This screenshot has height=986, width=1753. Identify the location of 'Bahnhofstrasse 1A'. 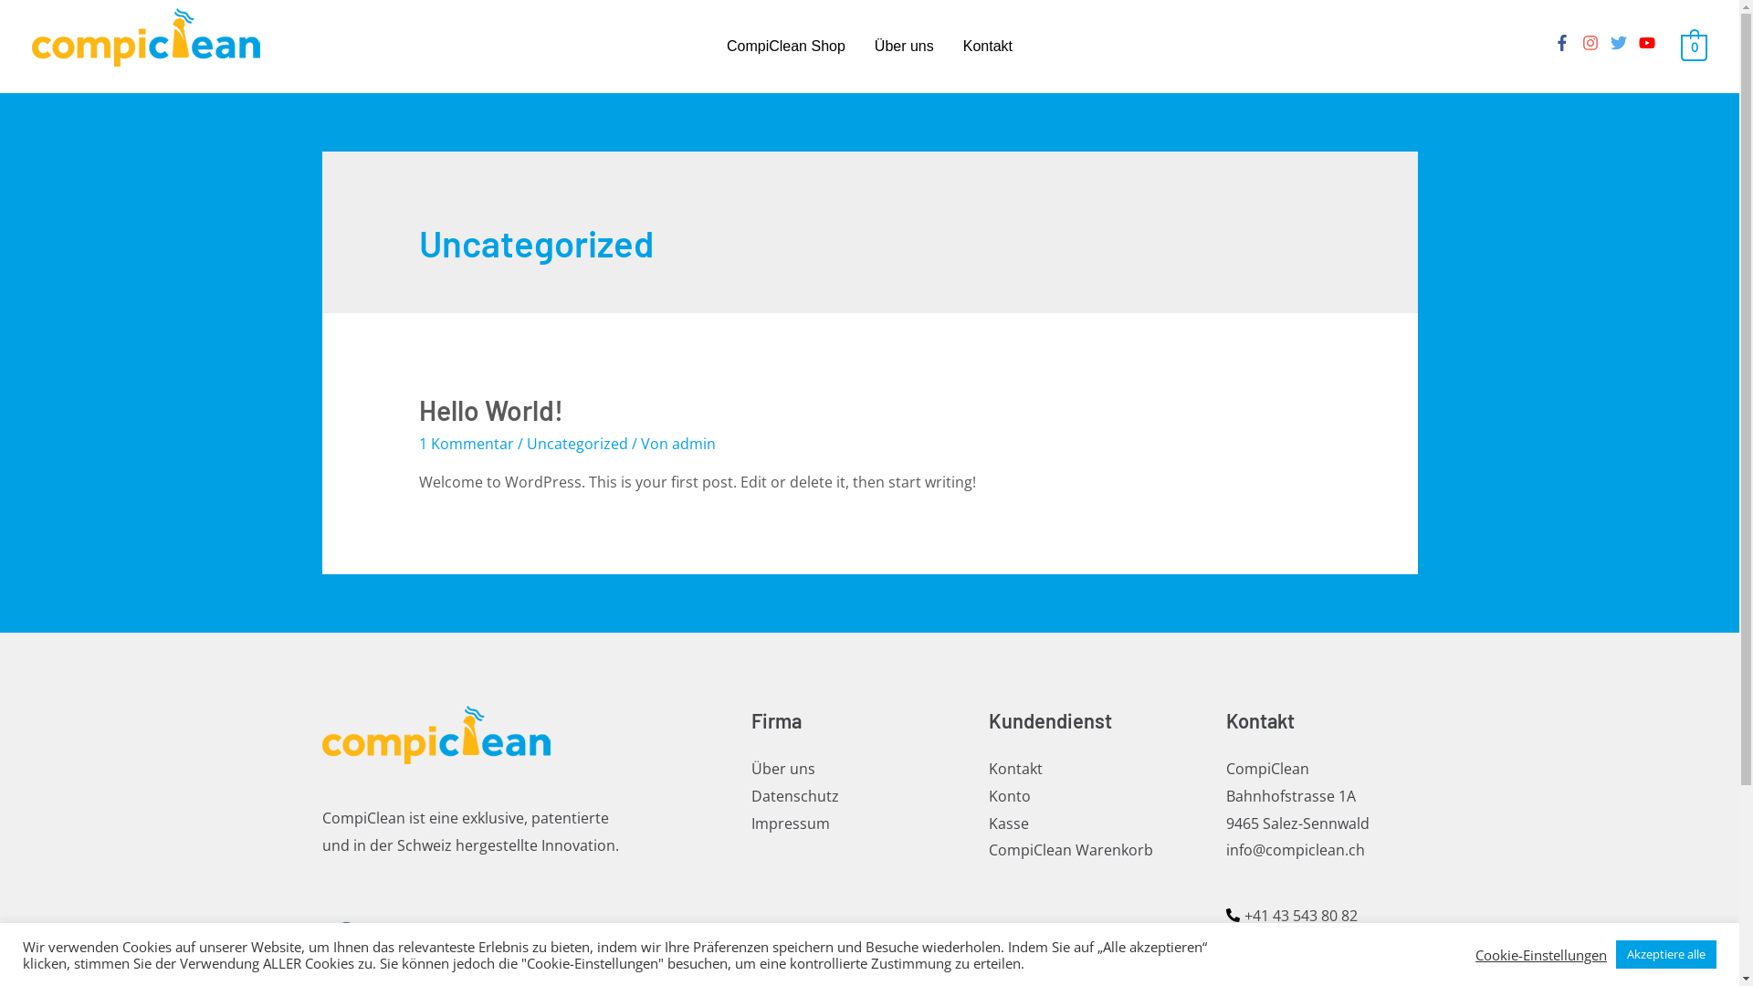
(1288, 794).